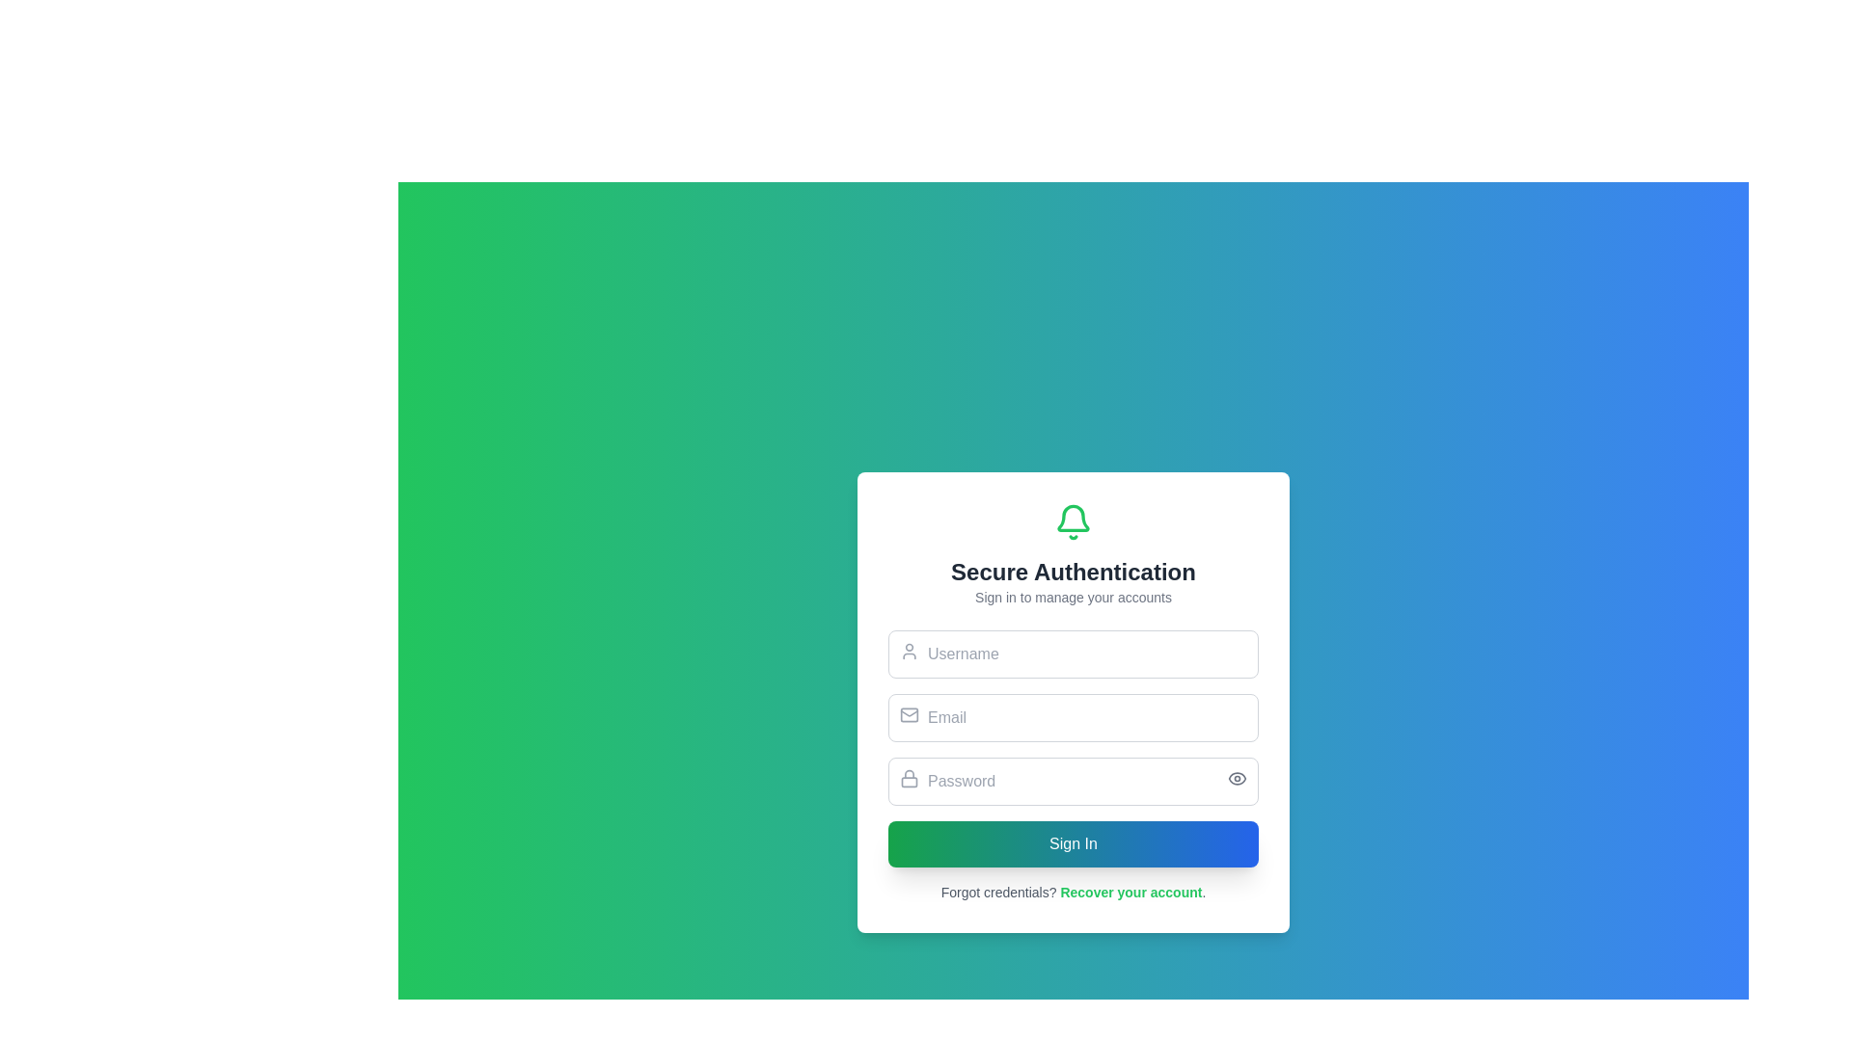 The height and width of the screenshot is (1041, 1852). What do you see at coordinates (908, 714) in the screenshot?
I see `the central rectangular component of the envelope icon, which is part of the email input field's interface, located to the left of the placeholder text` at bounding box center [908, 714].